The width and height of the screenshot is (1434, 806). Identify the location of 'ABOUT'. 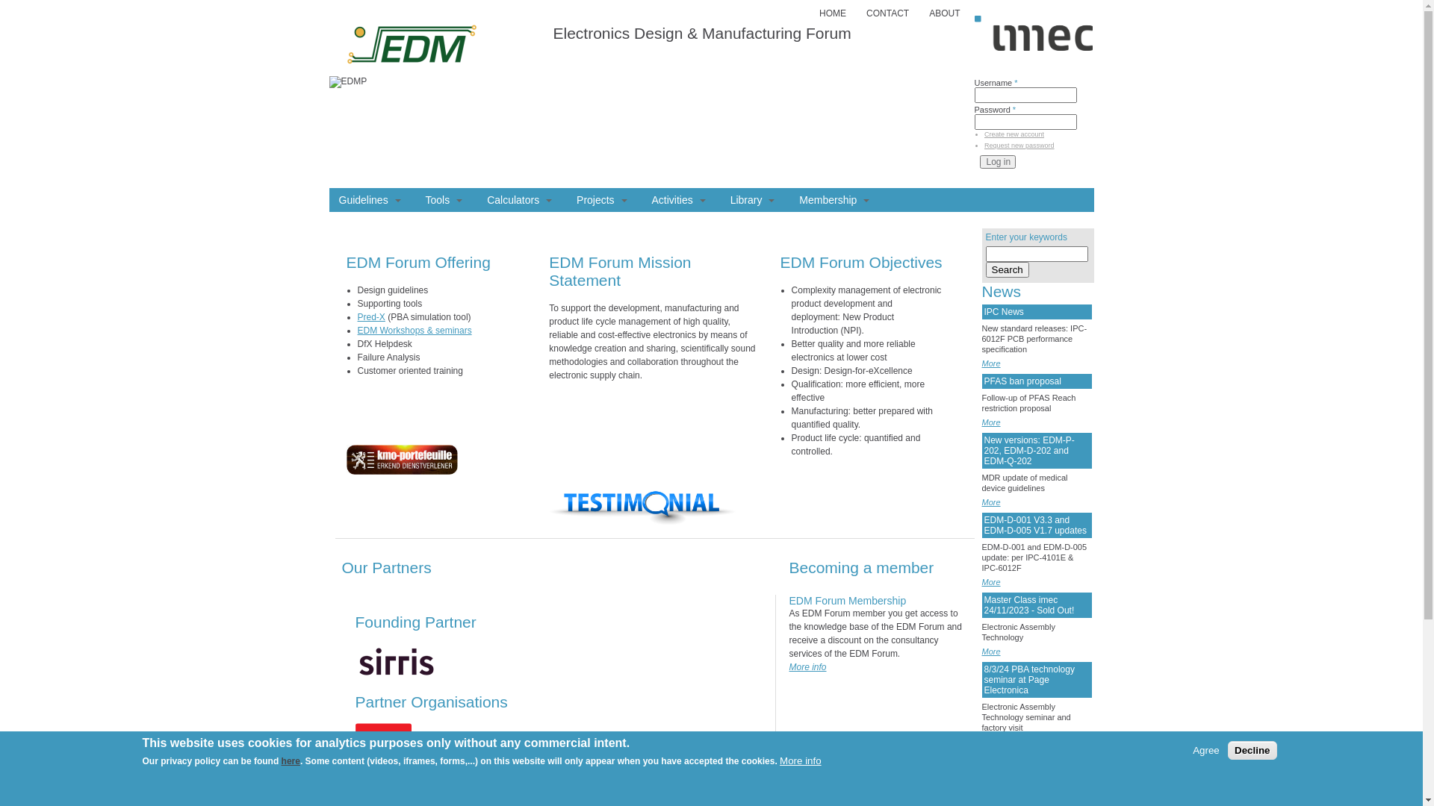
(943, 13).